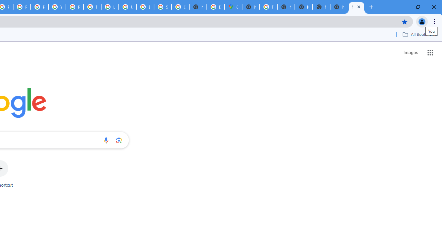 This screenshot has width=442, height=248. Describe the element at coordinates (22, 7) in the screenshot. I see `'Privacy Help Center - Policies Help'` at that location.